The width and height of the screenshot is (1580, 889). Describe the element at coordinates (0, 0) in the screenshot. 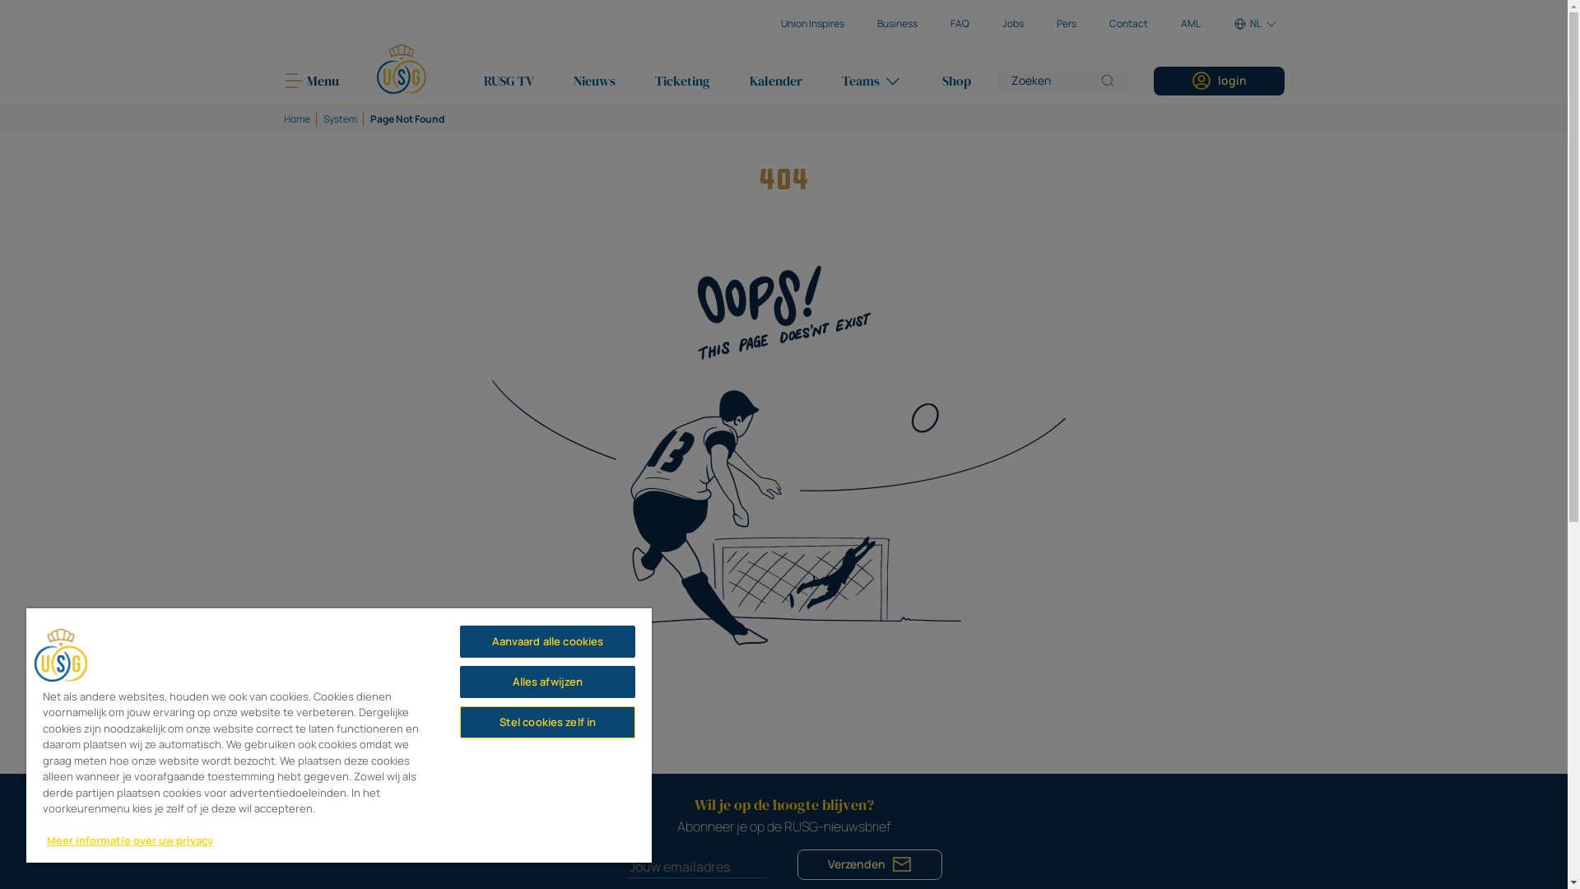

I see `'Skip to main content'` at that location.